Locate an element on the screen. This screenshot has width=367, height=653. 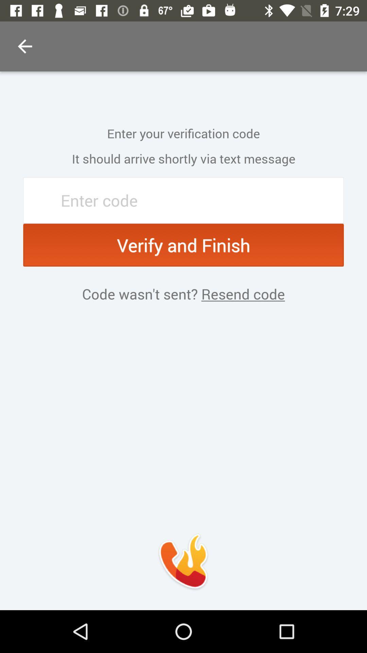
the item to the right of the code wasn t item is located at coordinates (241, 294).